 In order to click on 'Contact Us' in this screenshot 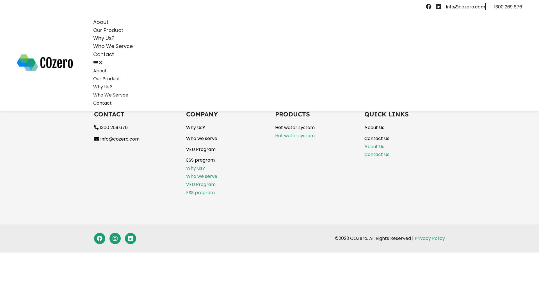, I will do `click(377, 154)`.